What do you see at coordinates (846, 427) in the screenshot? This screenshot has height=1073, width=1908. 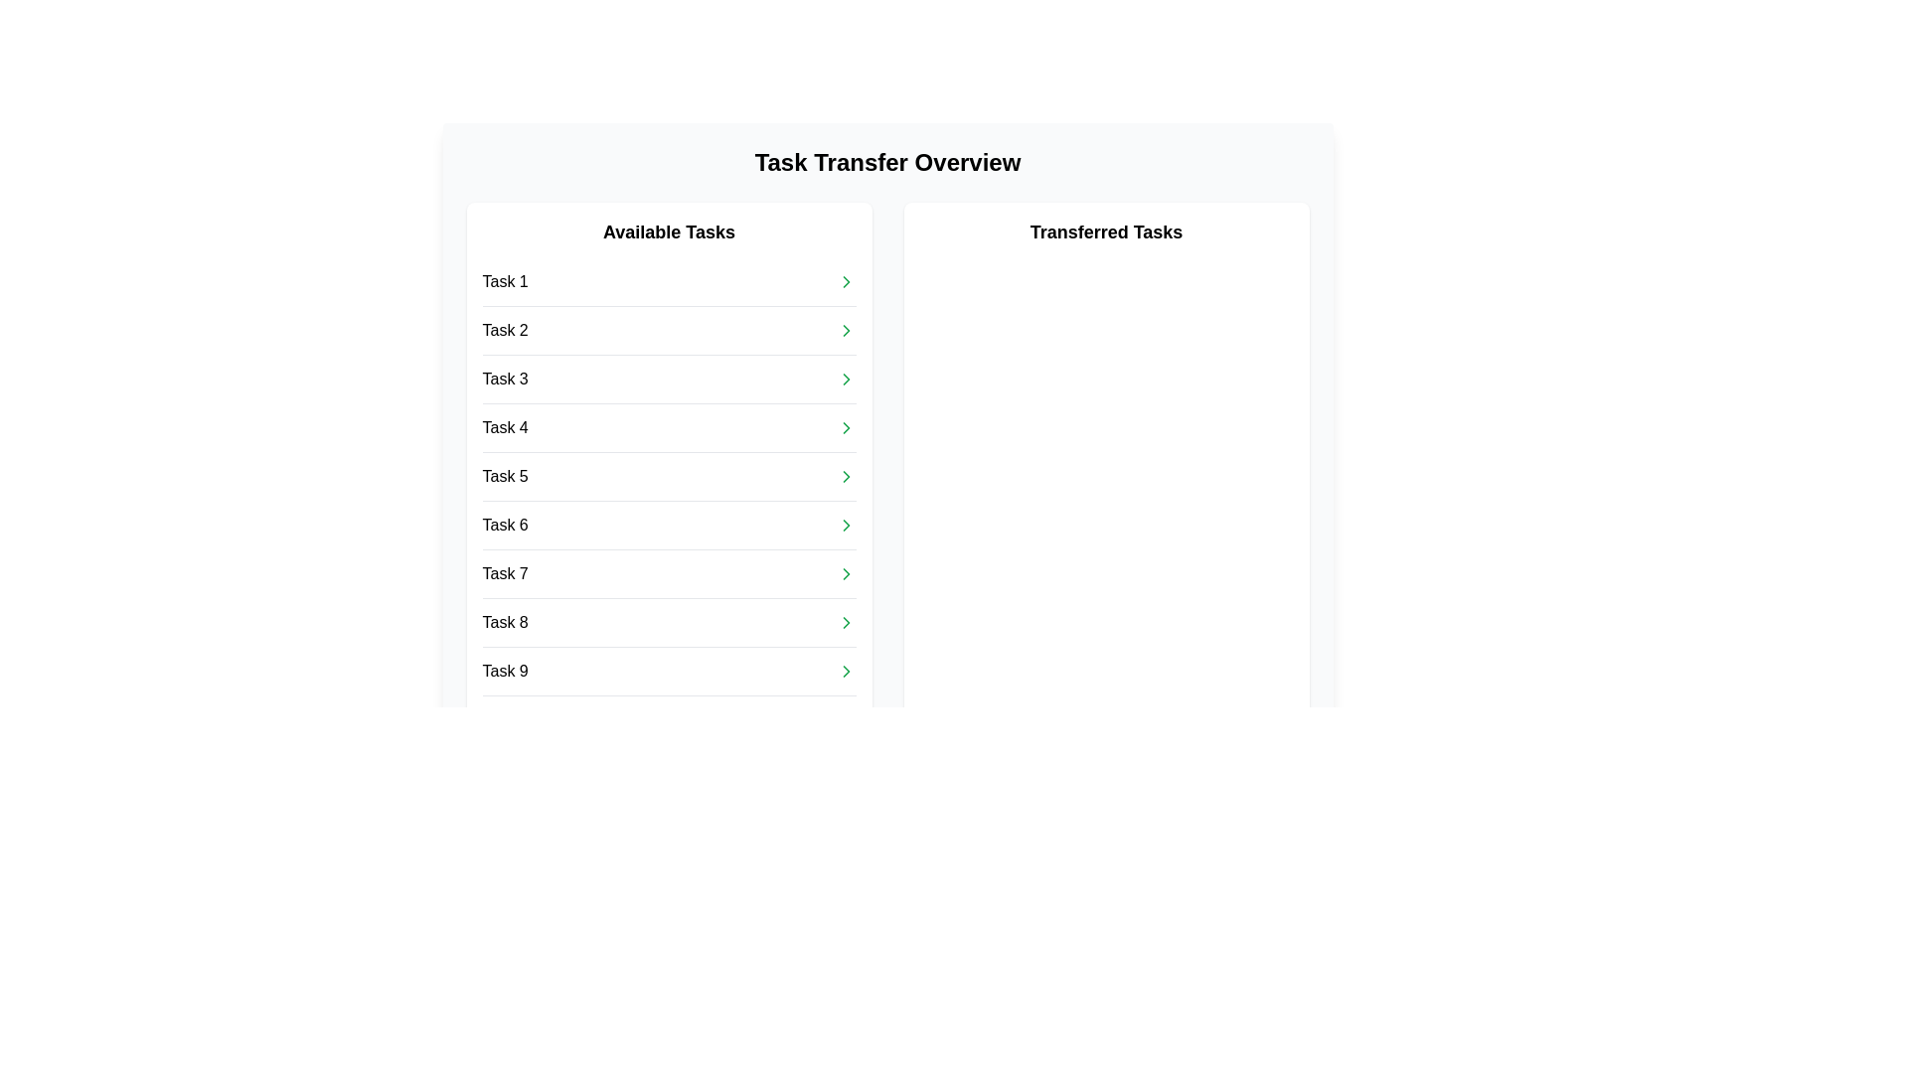 I see `the fourth chevron indicator for 'Task 4' in the 'Available Tasks' section` at bounding box center [846, 427].